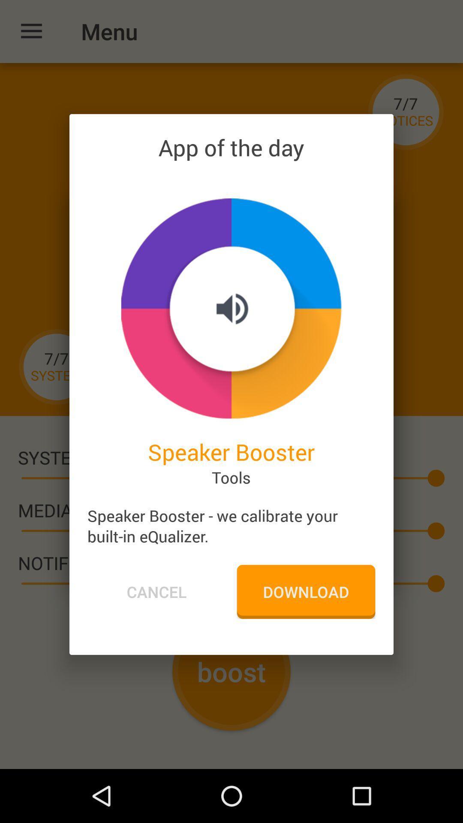 This screenshot has width=463, height=823. I want to click on item above speaker booster item, so click(231, 308).